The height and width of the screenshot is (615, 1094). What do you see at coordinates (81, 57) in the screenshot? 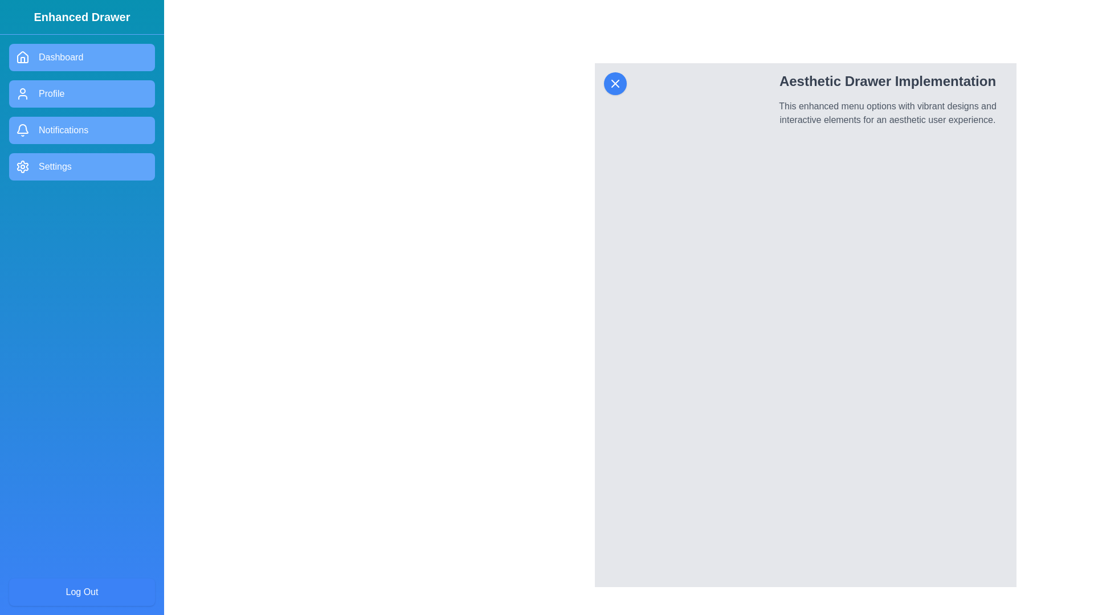
I see `the first button in the sidebar menu` at bounding box center [81, 57].